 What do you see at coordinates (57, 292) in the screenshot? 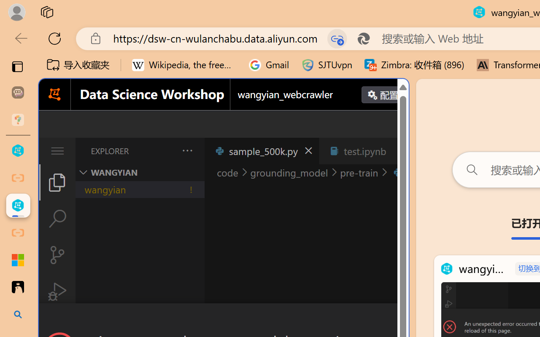
I see `'Run and Debug (Ctrl+Shift+D)'` at bounding box center [57, 292].